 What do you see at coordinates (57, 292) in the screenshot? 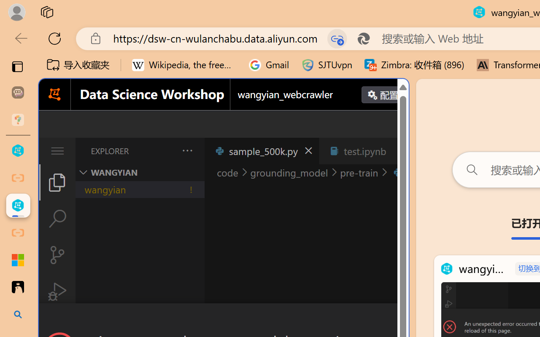
I see `'Run and Debug (Ctrl+Shift+D)'` at bounding box center [57, 292].